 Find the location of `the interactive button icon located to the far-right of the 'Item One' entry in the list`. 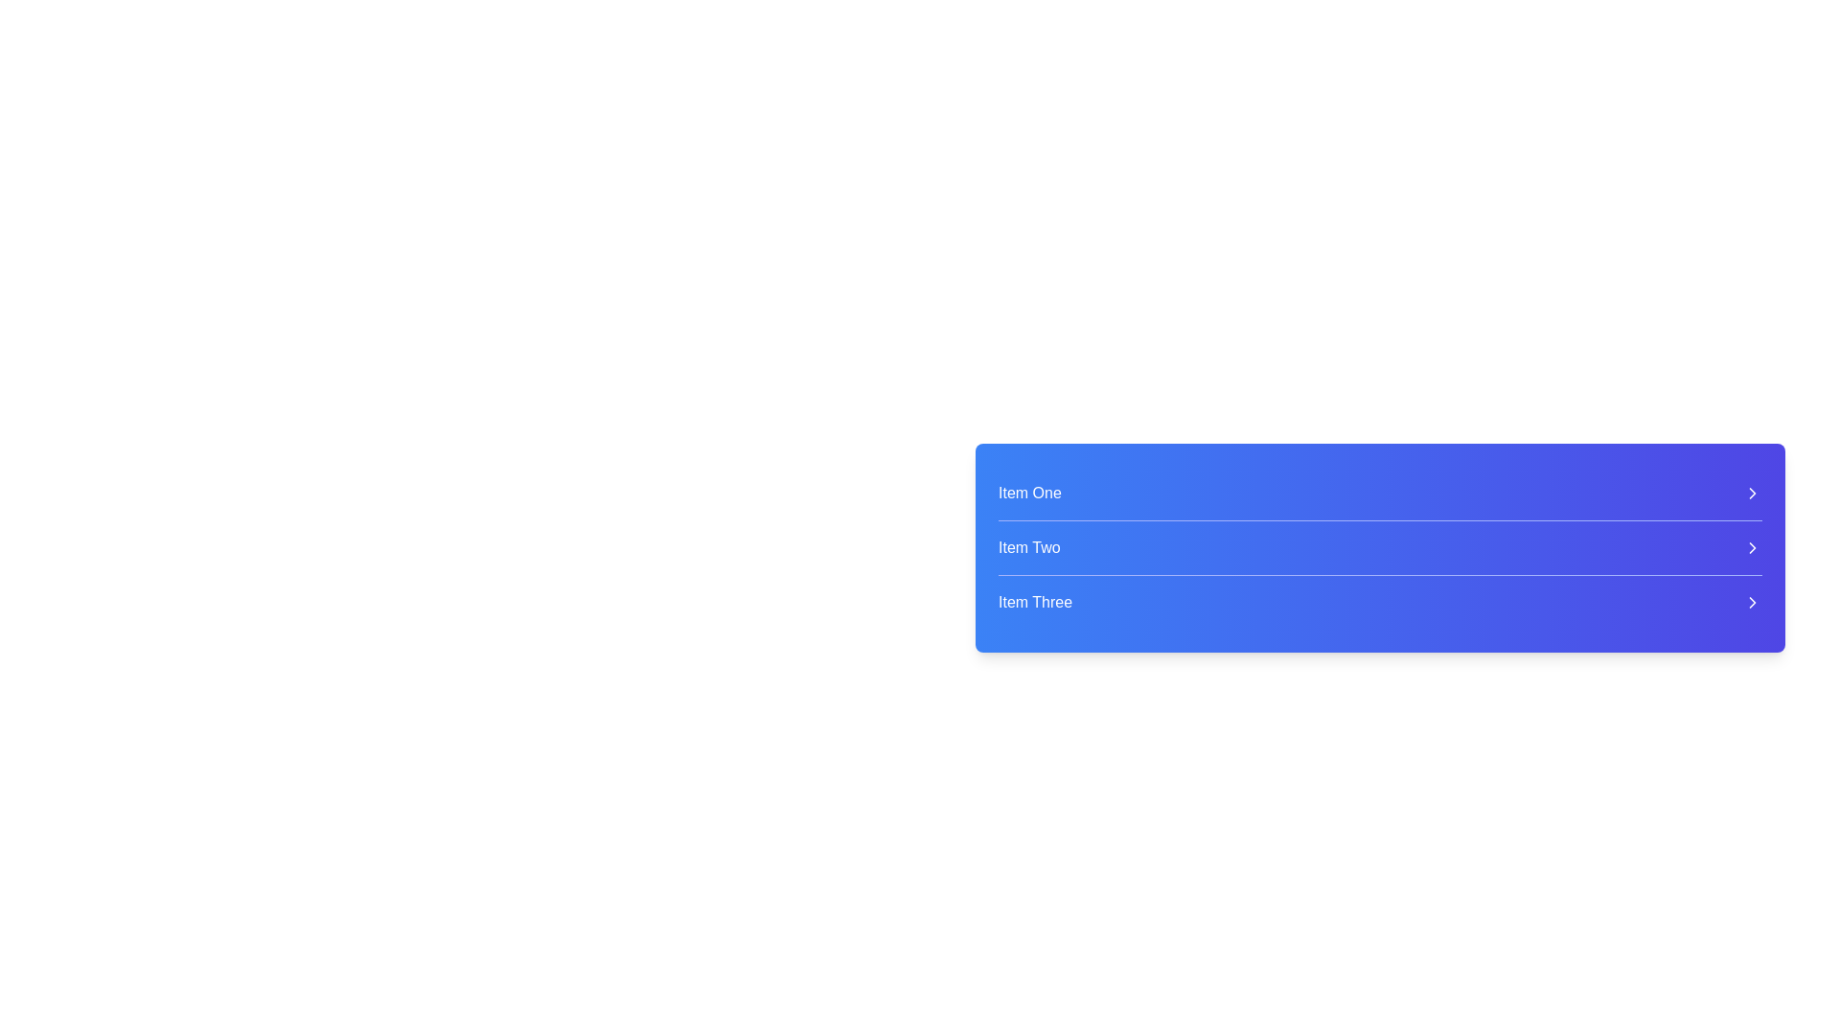

the interactive button icon located to the far-right of the 'Item One' entry in the list is located at coordinates (1752, 493).